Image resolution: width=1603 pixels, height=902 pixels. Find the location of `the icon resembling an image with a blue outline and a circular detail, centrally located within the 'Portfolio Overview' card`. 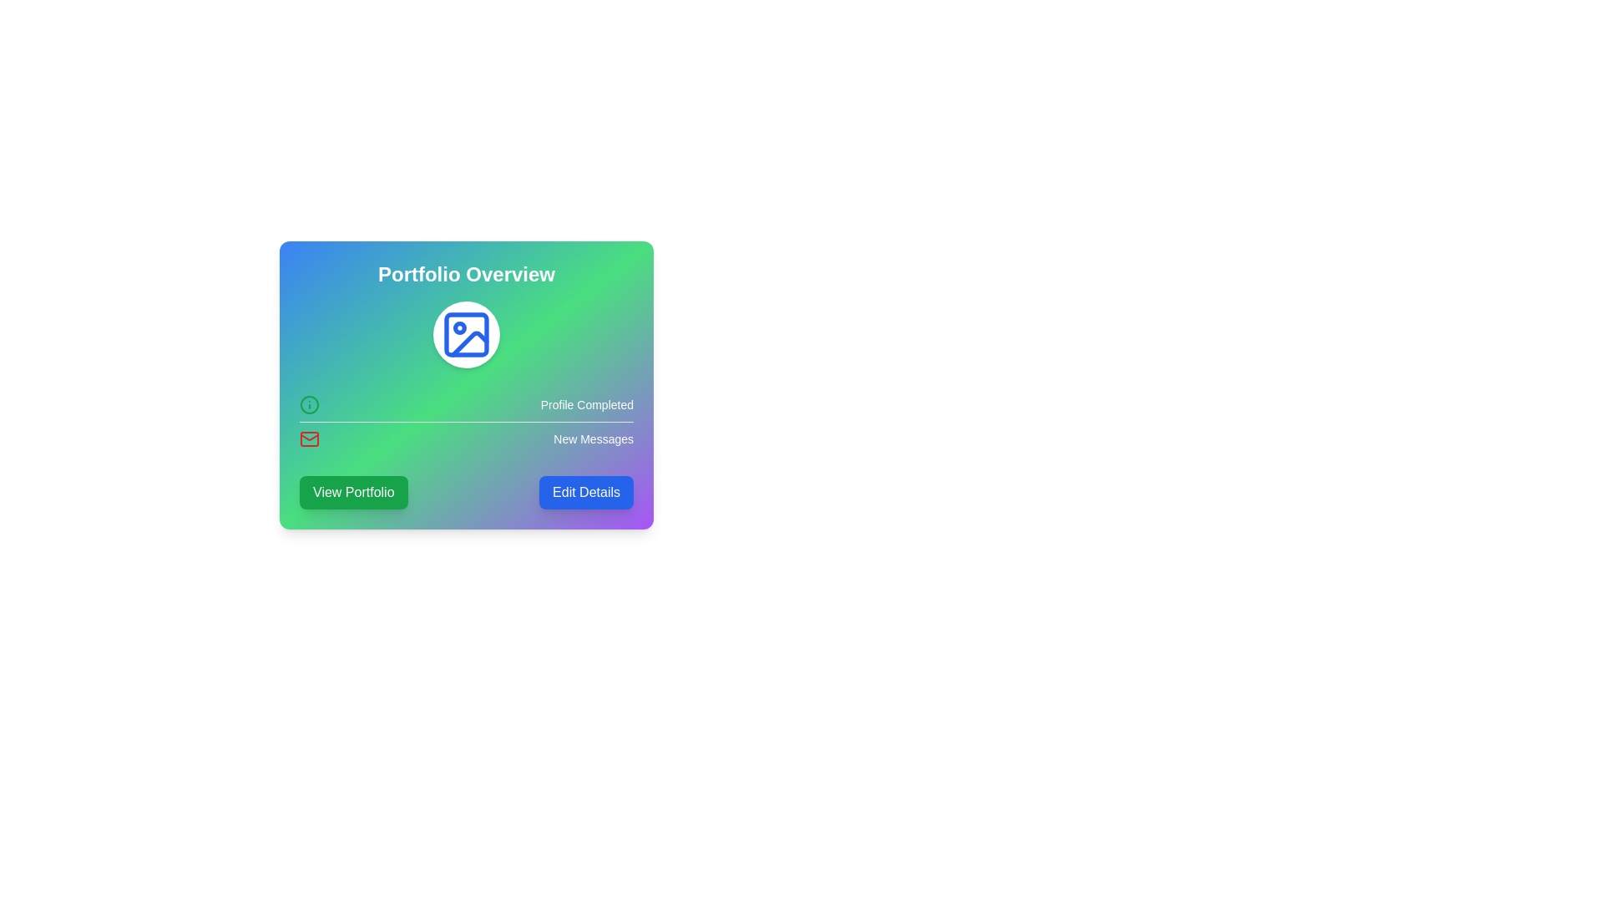

the icon resembling an image with a blue outline and a circular detail, centrally located within the 'Portfolio Overview' card is located at coordinates (466, 335).